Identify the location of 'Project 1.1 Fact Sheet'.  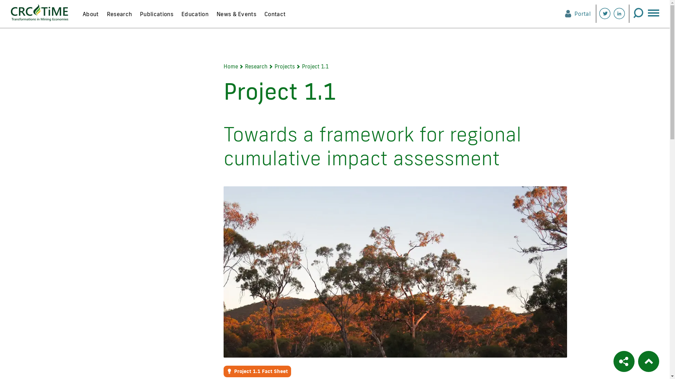
(257, 371).